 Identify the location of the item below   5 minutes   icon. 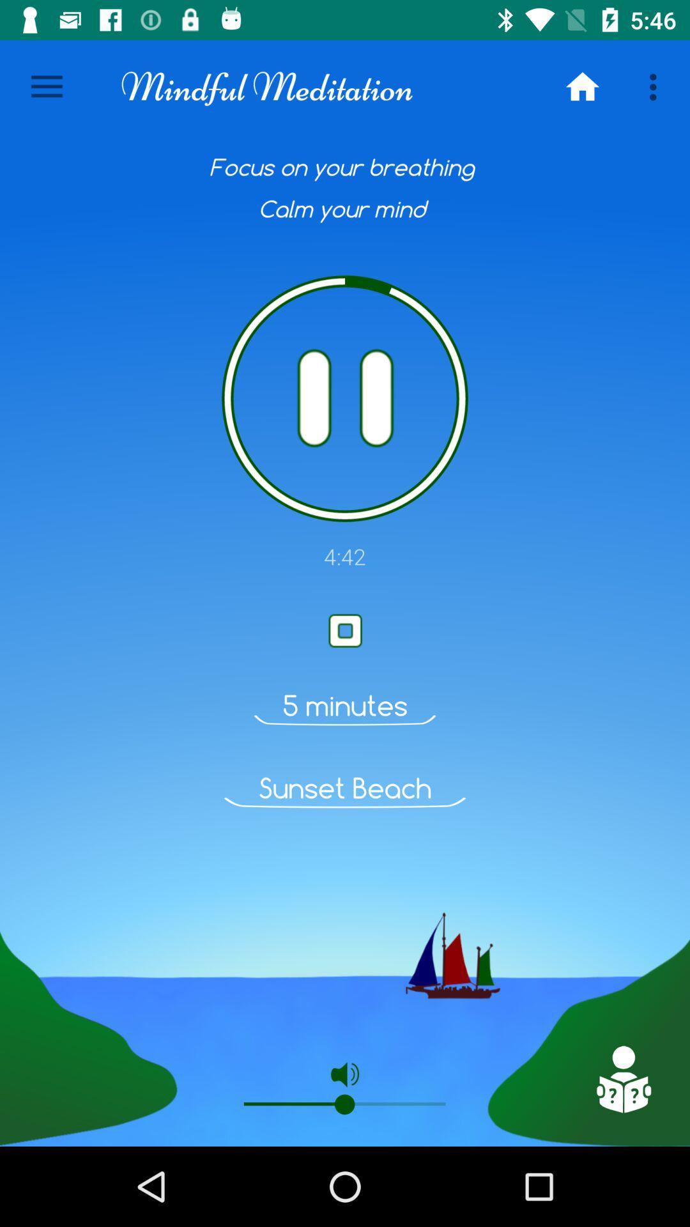
(345, 787).